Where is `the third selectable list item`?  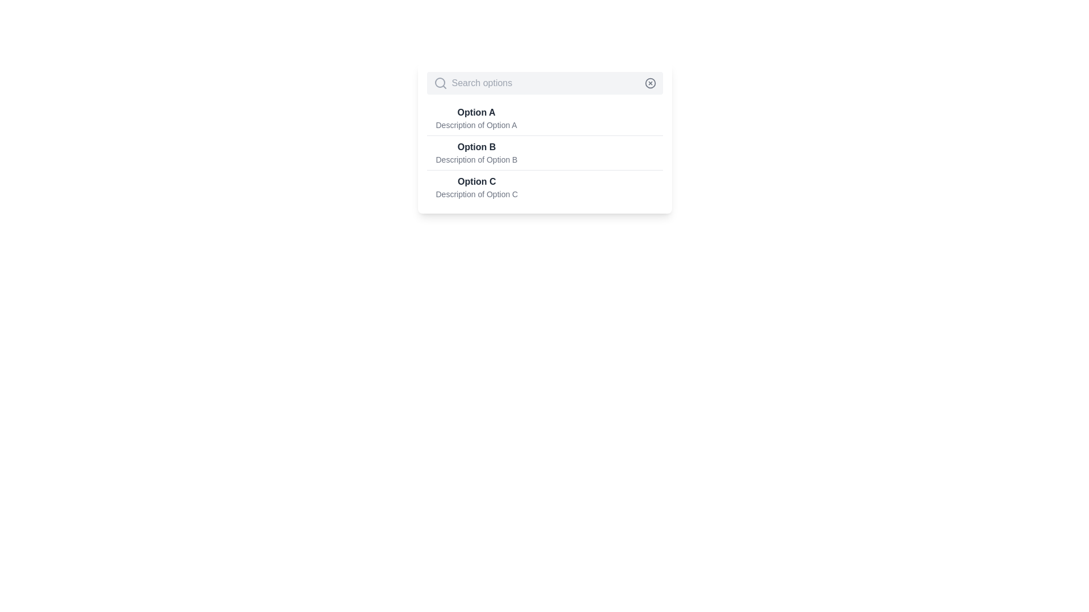 the third selectable list item is located at coordinates (476, 187).